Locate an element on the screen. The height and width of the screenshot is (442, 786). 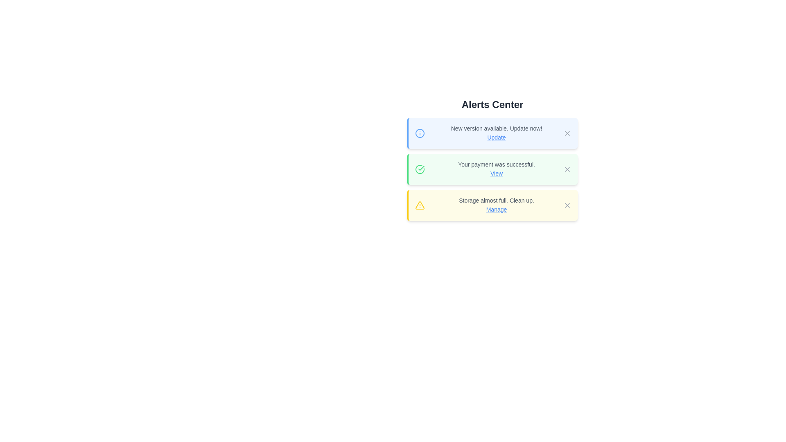
the close button styled as an 'X' icon located at the top-right corner of the yellow alert message box labeled 'Storage almost full. Clean up. Manage.' is located at coordinates (567, 205).